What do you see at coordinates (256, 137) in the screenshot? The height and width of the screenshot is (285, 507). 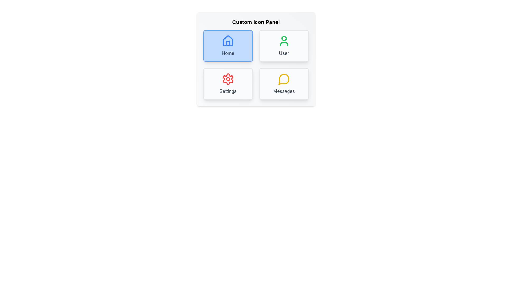 I see `the background area of the panel` at bounding box center [256, 137].